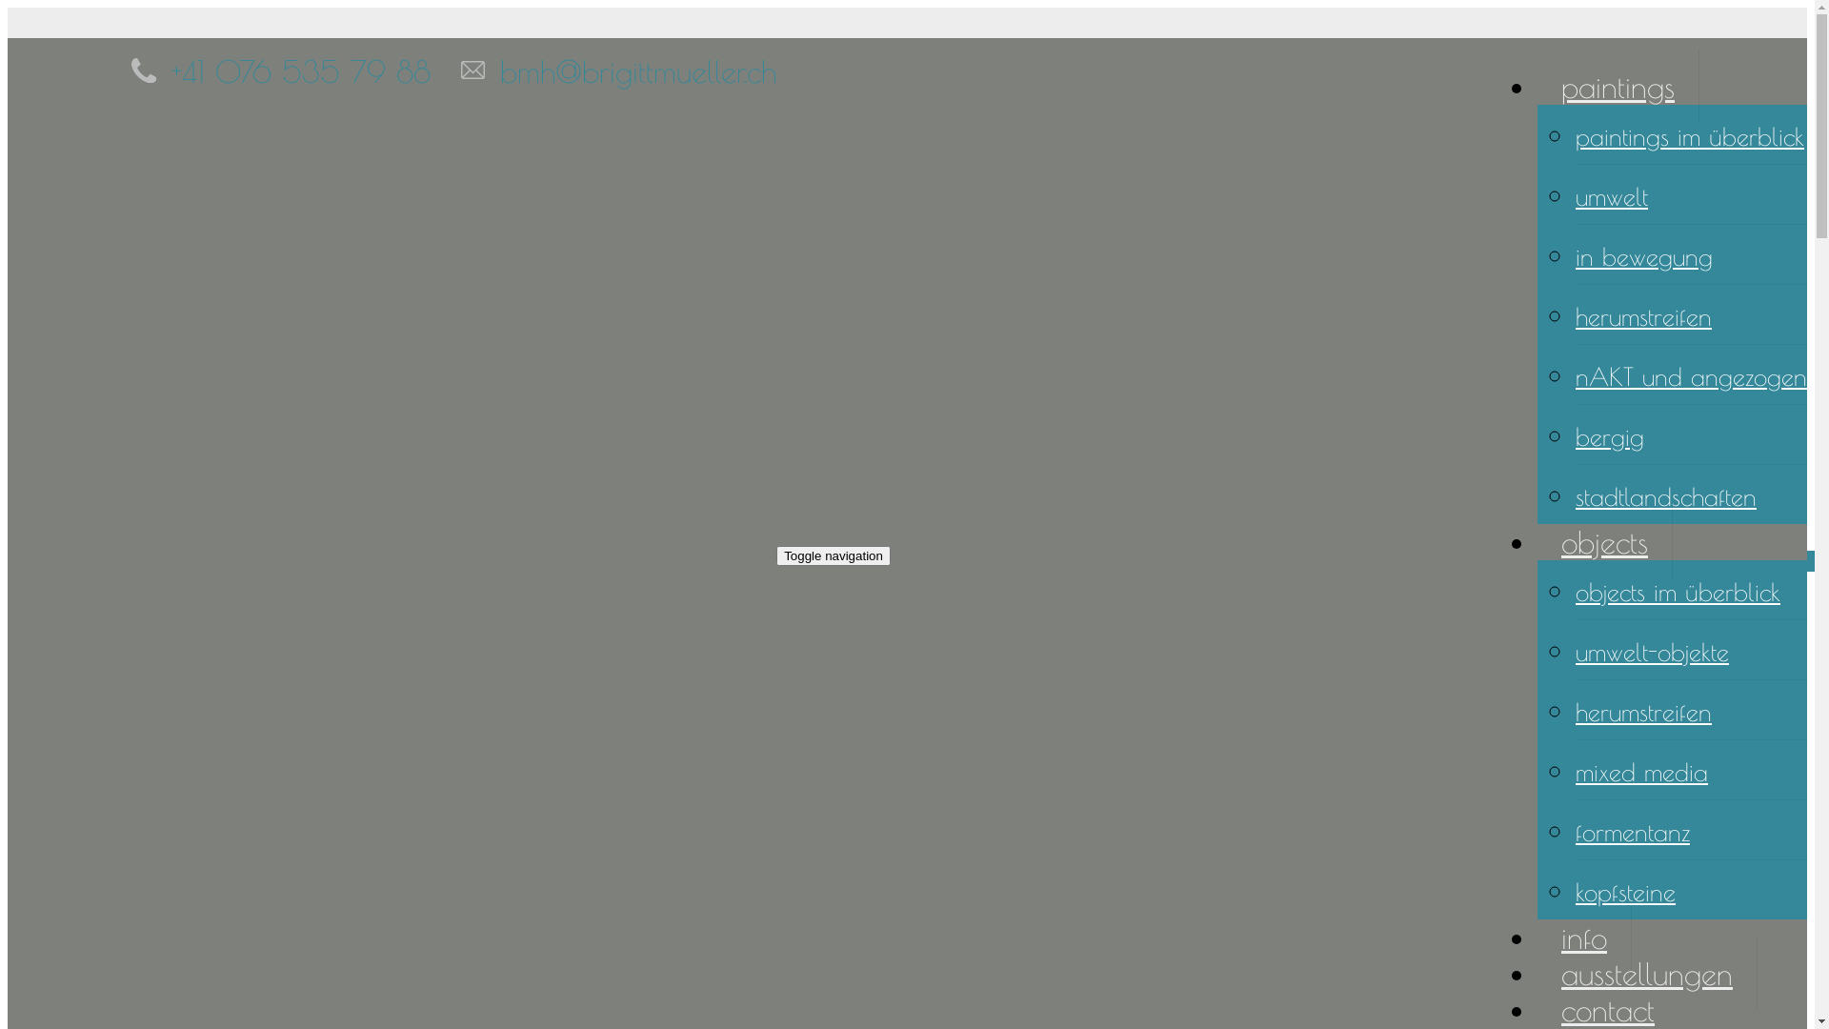  What do you see at coordinates (1631, 830) in the screenshot?
I see `'formentanz'` at bounding box center [1631, 830].